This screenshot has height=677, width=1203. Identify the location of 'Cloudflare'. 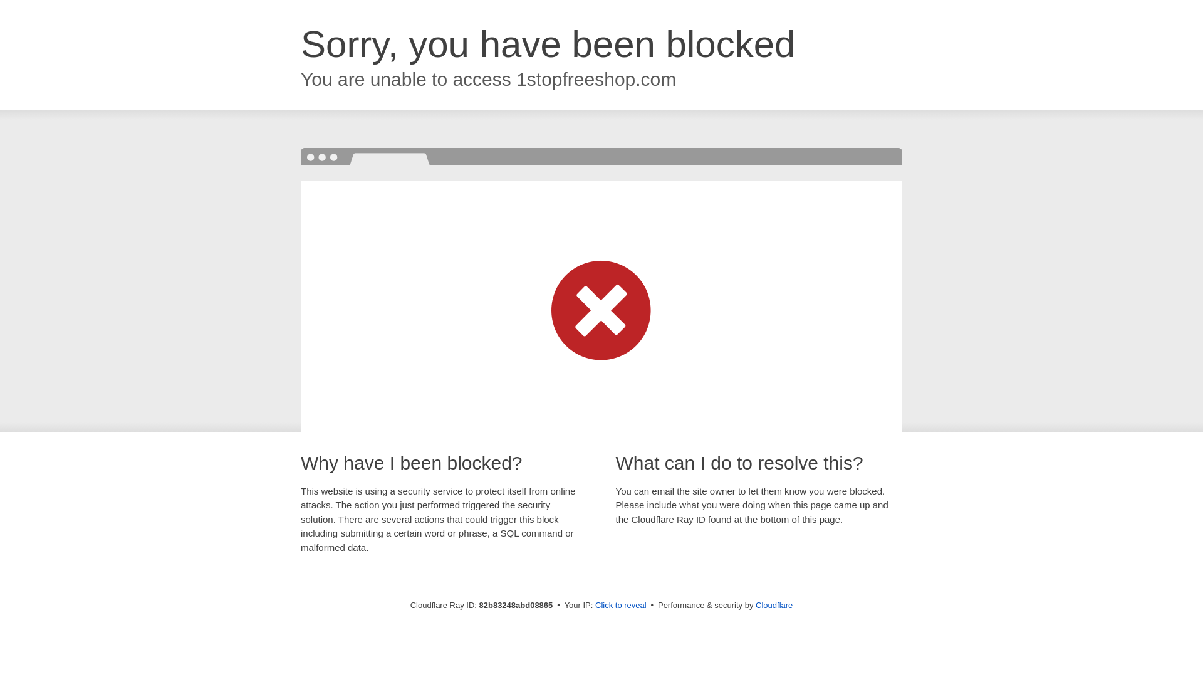
(773, 604).